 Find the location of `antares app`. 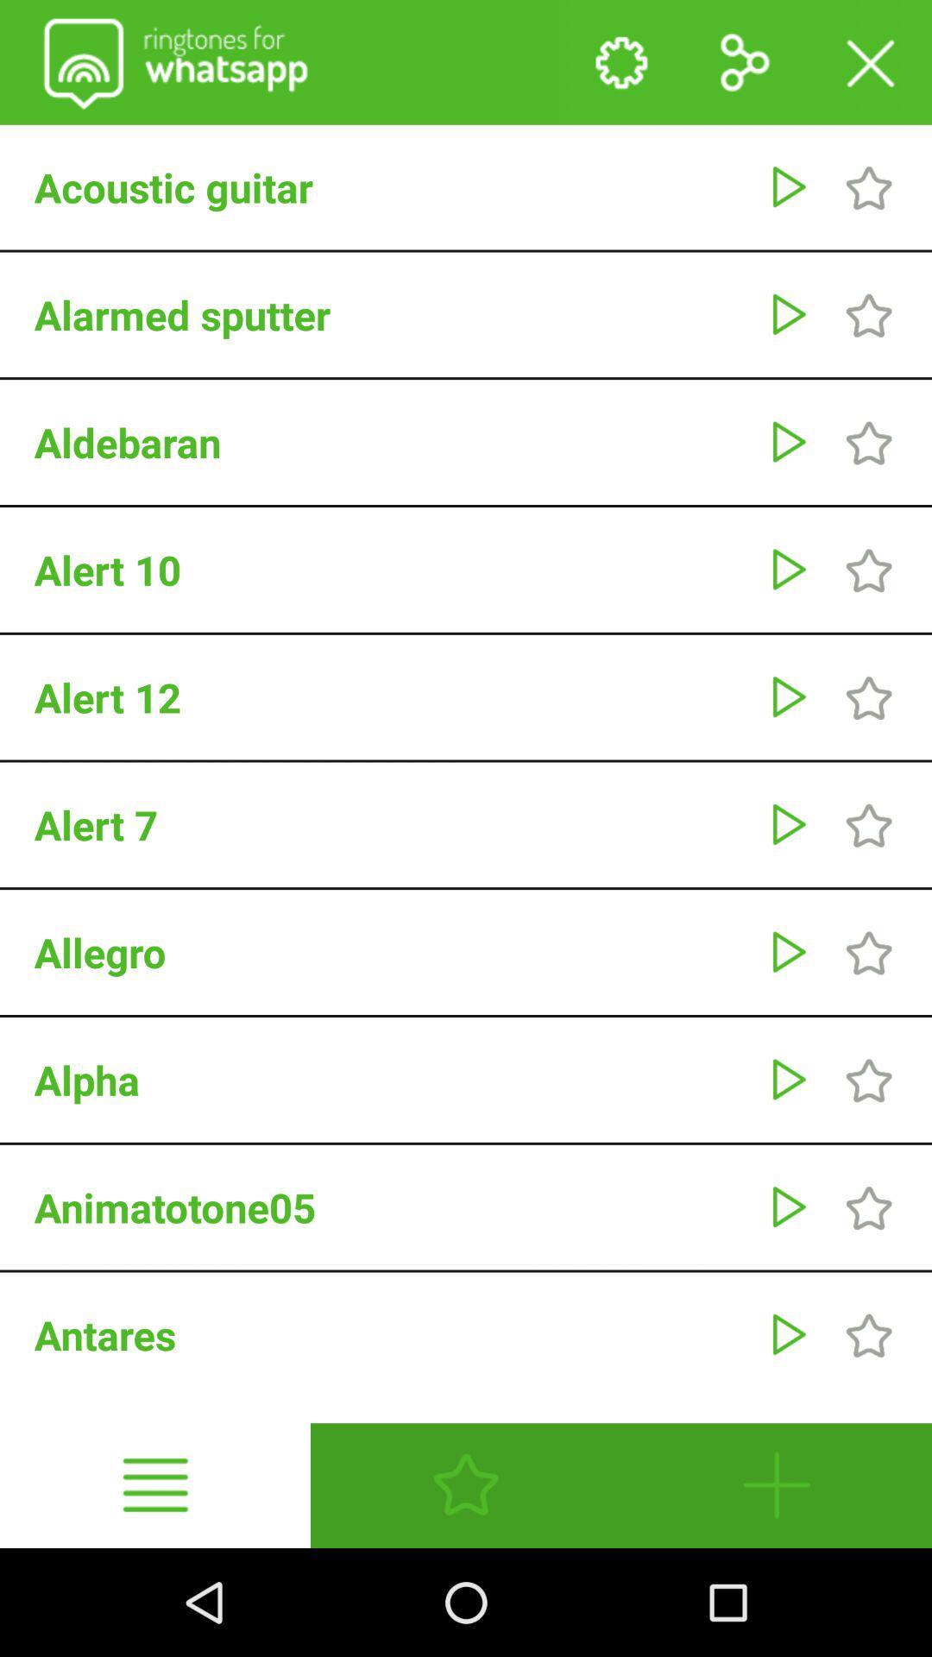

antares app is located at coordinates (392, 1333).